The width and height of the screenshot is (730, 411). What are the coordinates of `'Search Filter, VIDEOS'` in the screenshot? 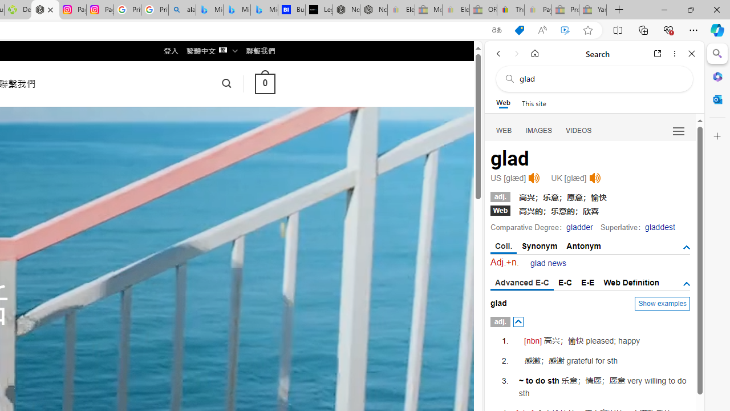 It's located at (579, 130).